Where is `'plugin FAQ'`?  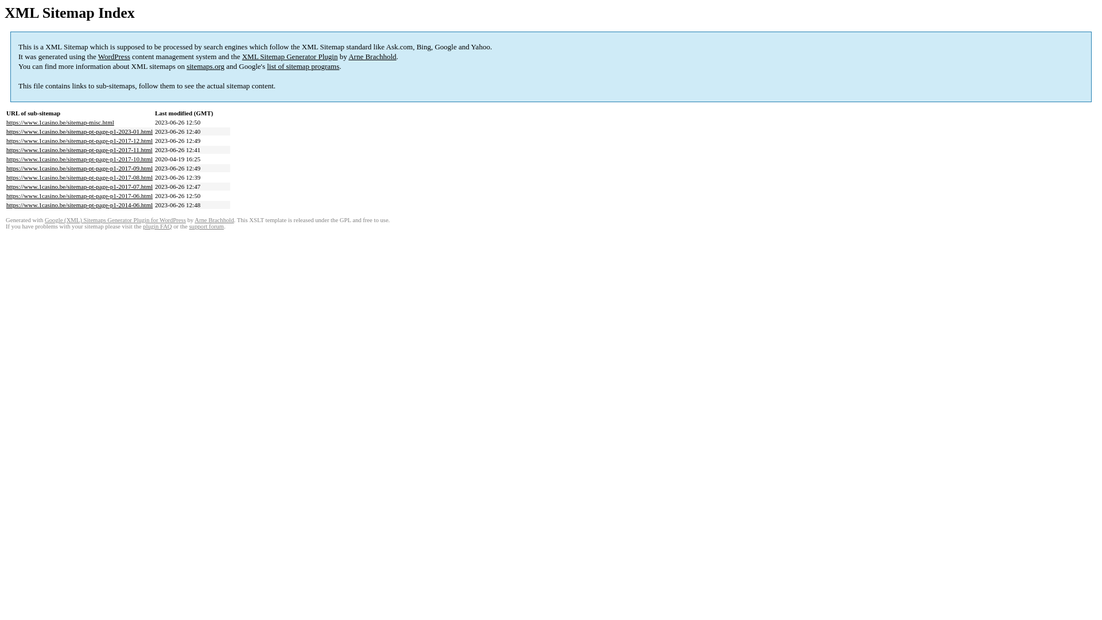 'plugin FAQ' is located at coordinates (156, 226).